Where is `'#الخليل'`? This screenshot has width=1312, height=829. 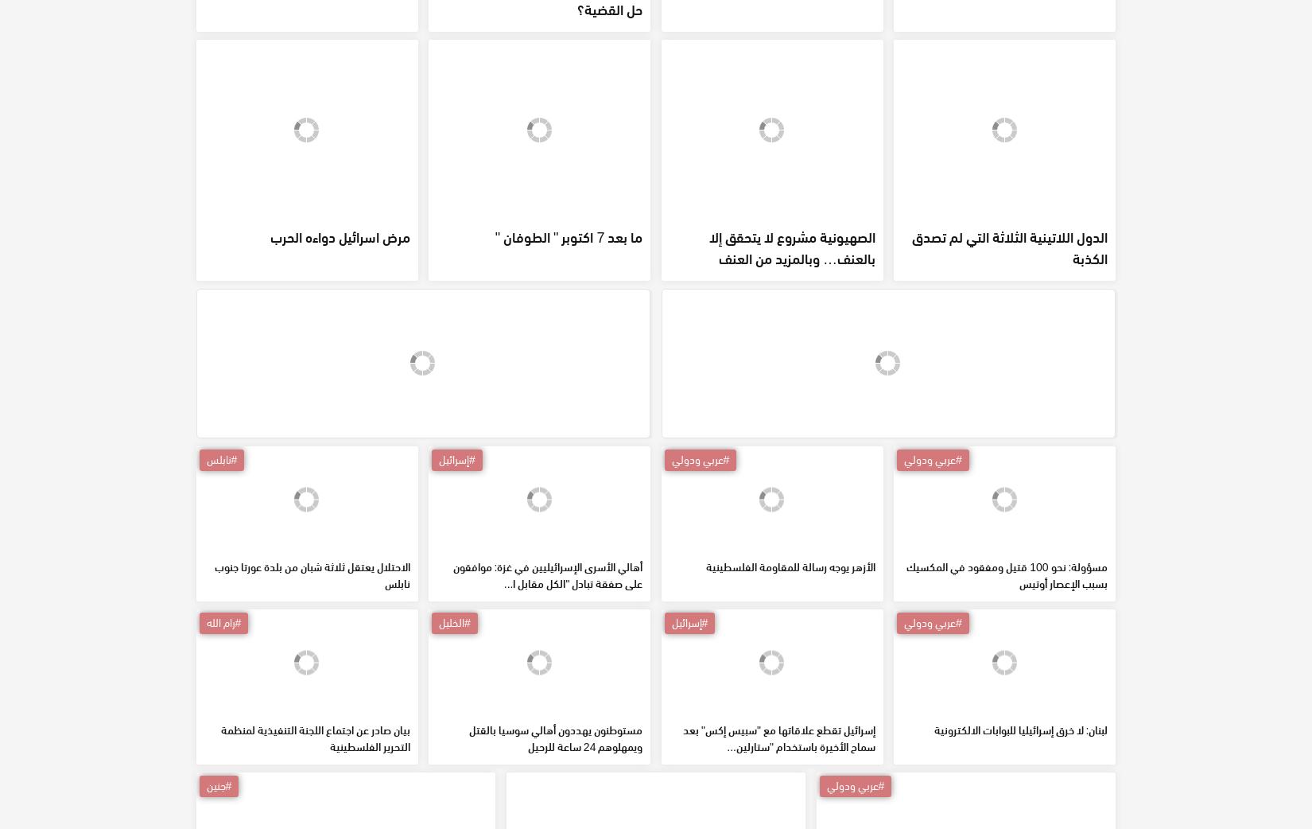 '#الخليل' is located at coordinates (453, 736).